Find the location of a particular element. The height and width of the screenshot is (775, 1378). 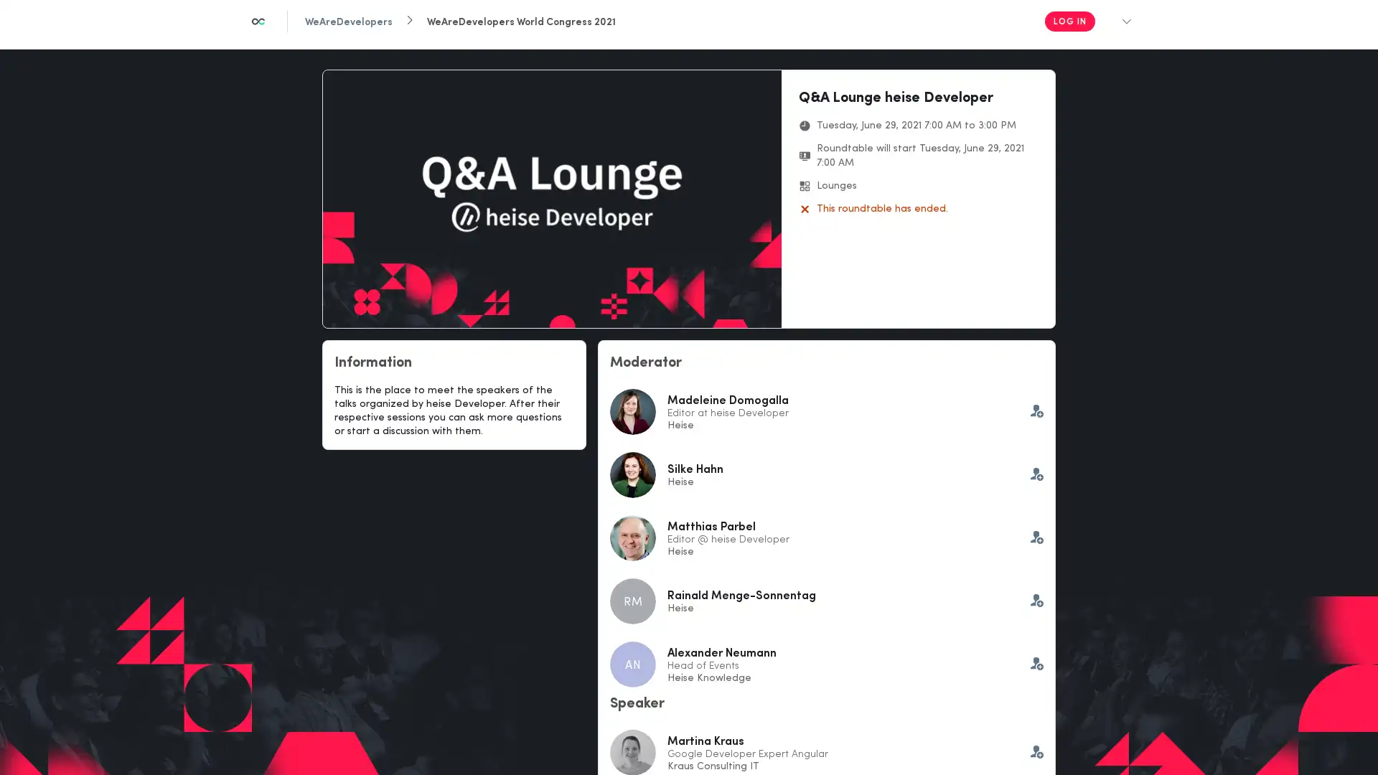

Log in is located at coordinates (1069, 22).